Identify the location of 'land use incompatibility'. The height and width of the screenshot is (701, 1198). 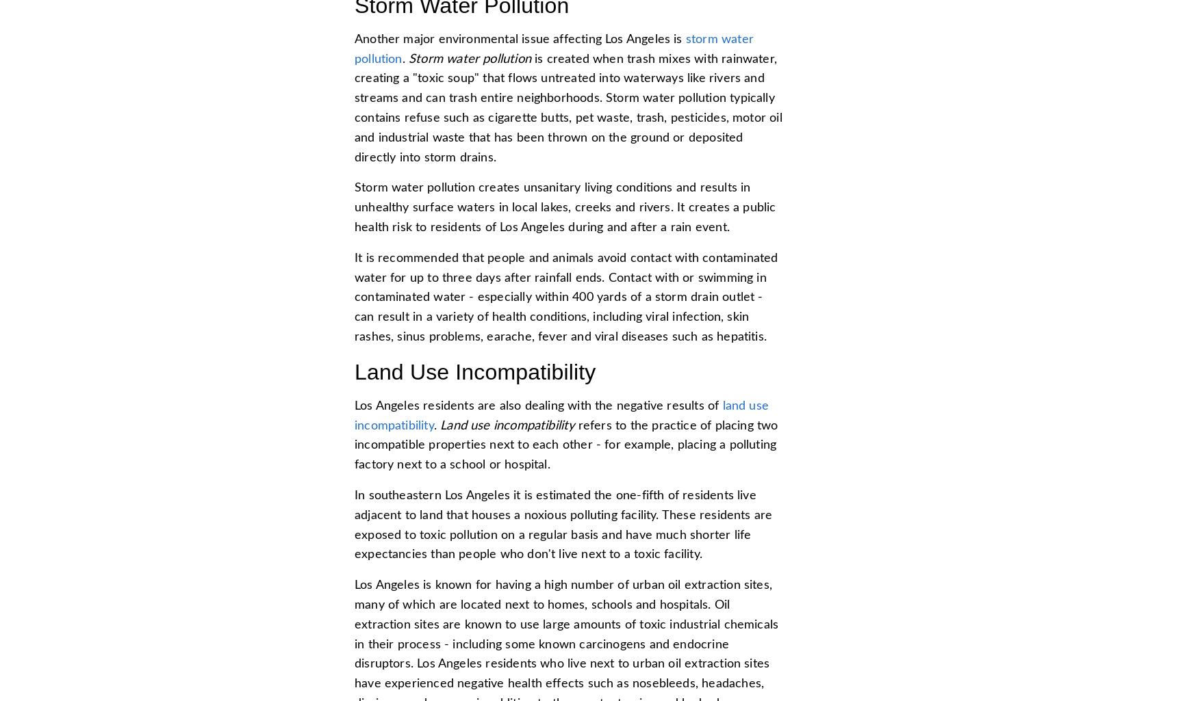
(354, 414).